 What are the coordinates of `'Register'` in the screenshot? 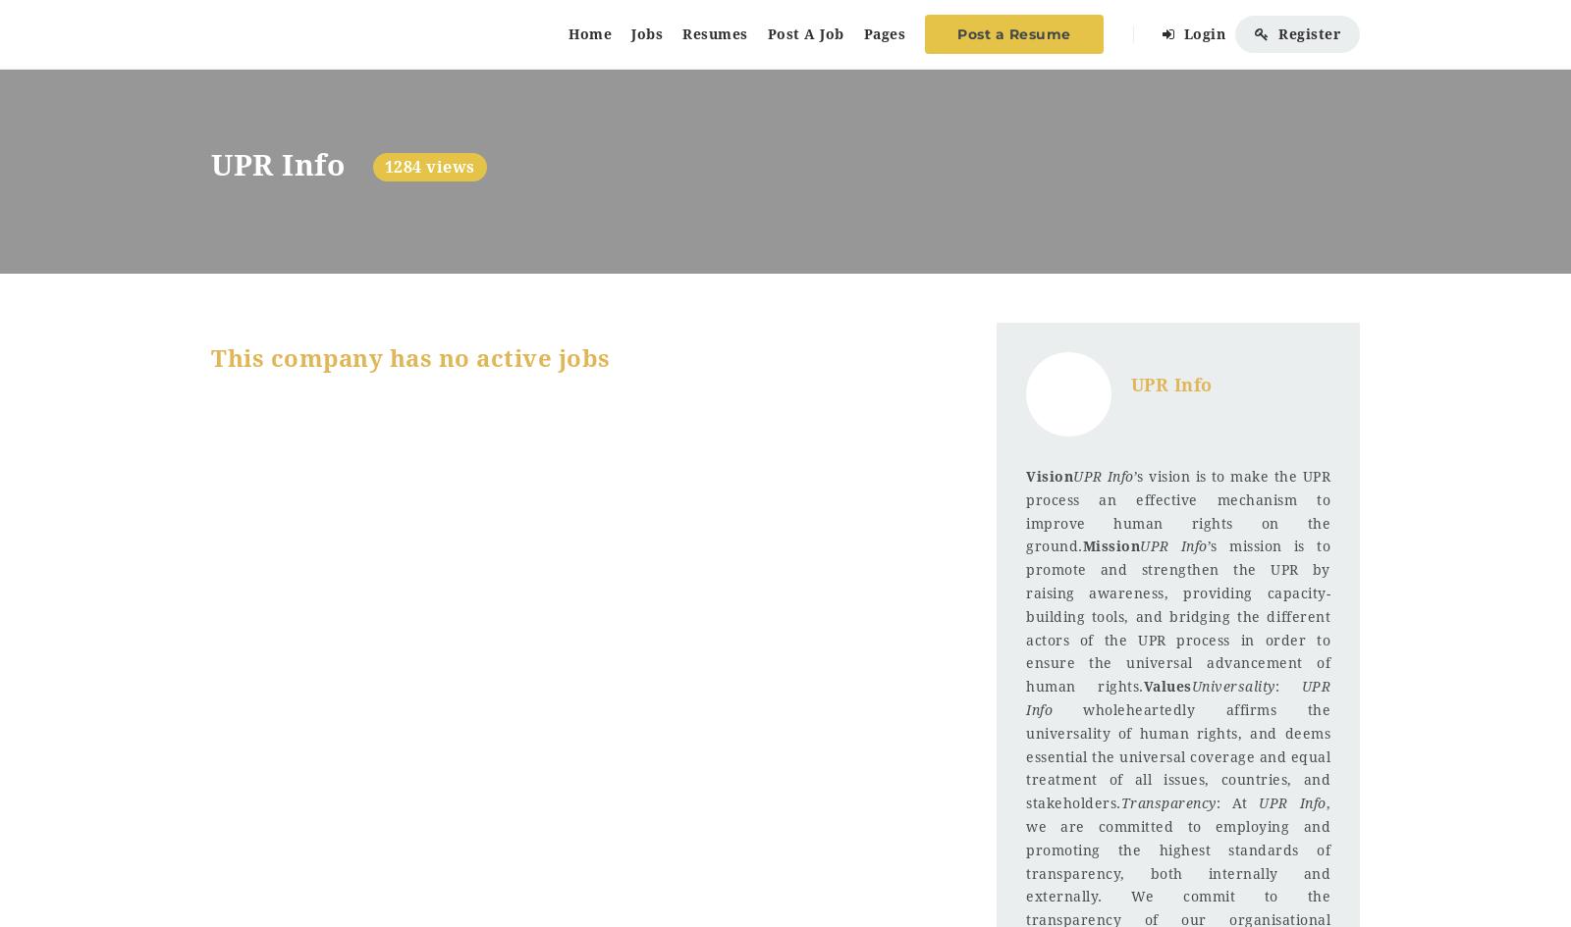 It's located at (1306, 33).